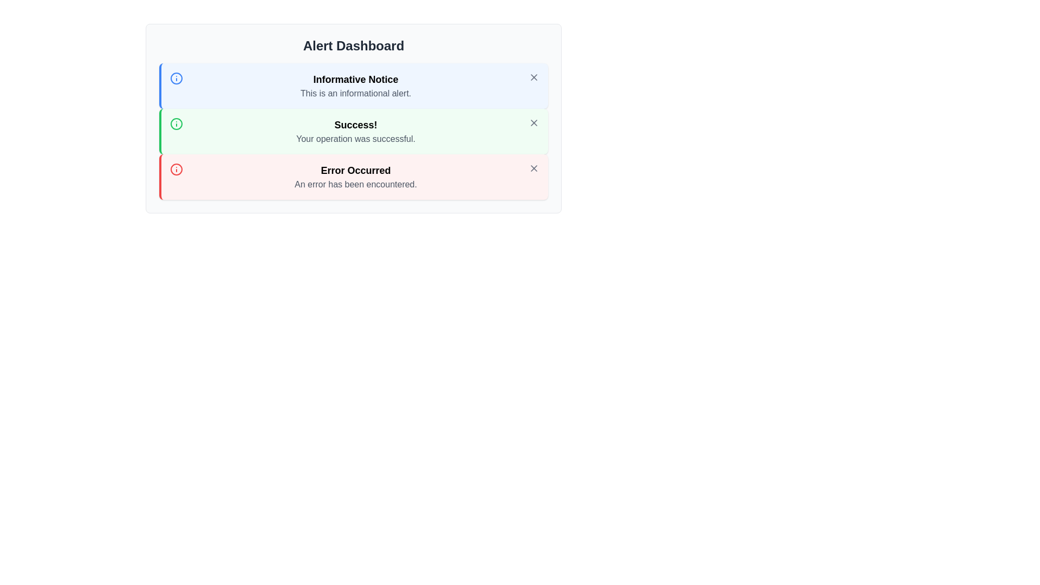  Describe the element at coordinates (356, 184) in the screenshot. I see `the text label that reads 'An error has been encountered.' which is styled in gray color and located within the error message section with a red border background` at that location.